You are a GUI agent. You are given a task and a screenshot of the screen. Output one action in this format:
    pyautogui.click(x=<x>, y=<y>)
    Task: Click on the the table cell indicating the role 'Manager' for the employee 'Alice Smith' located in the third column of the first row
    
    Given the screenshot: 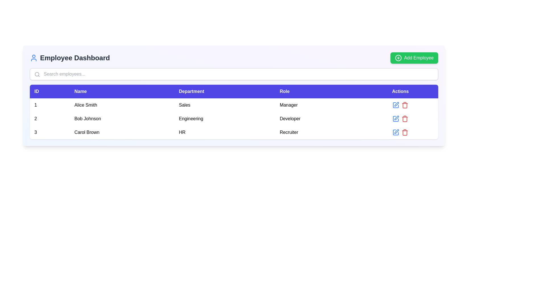 What is the action you would take?
    pyautogui.click(x=319, y=105)
    